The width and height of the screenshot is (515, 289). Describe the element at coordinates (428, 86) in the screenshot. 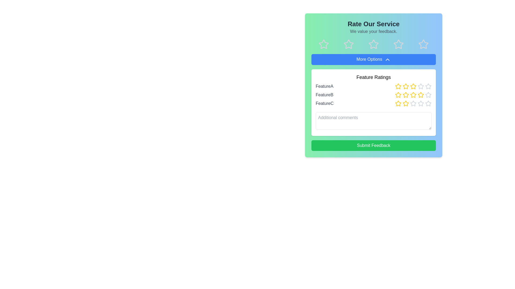

I see `the fourth star icon in the rating system` at that location.